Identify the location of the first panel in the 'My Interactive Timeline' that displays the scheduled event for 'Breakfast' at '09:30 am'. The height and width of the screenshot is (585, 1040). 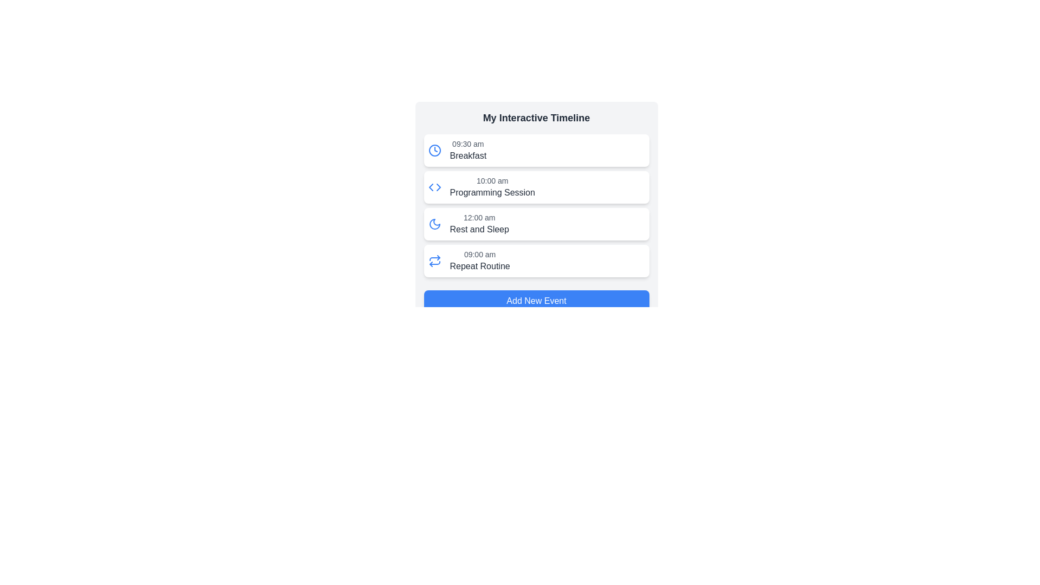
(536, 150).